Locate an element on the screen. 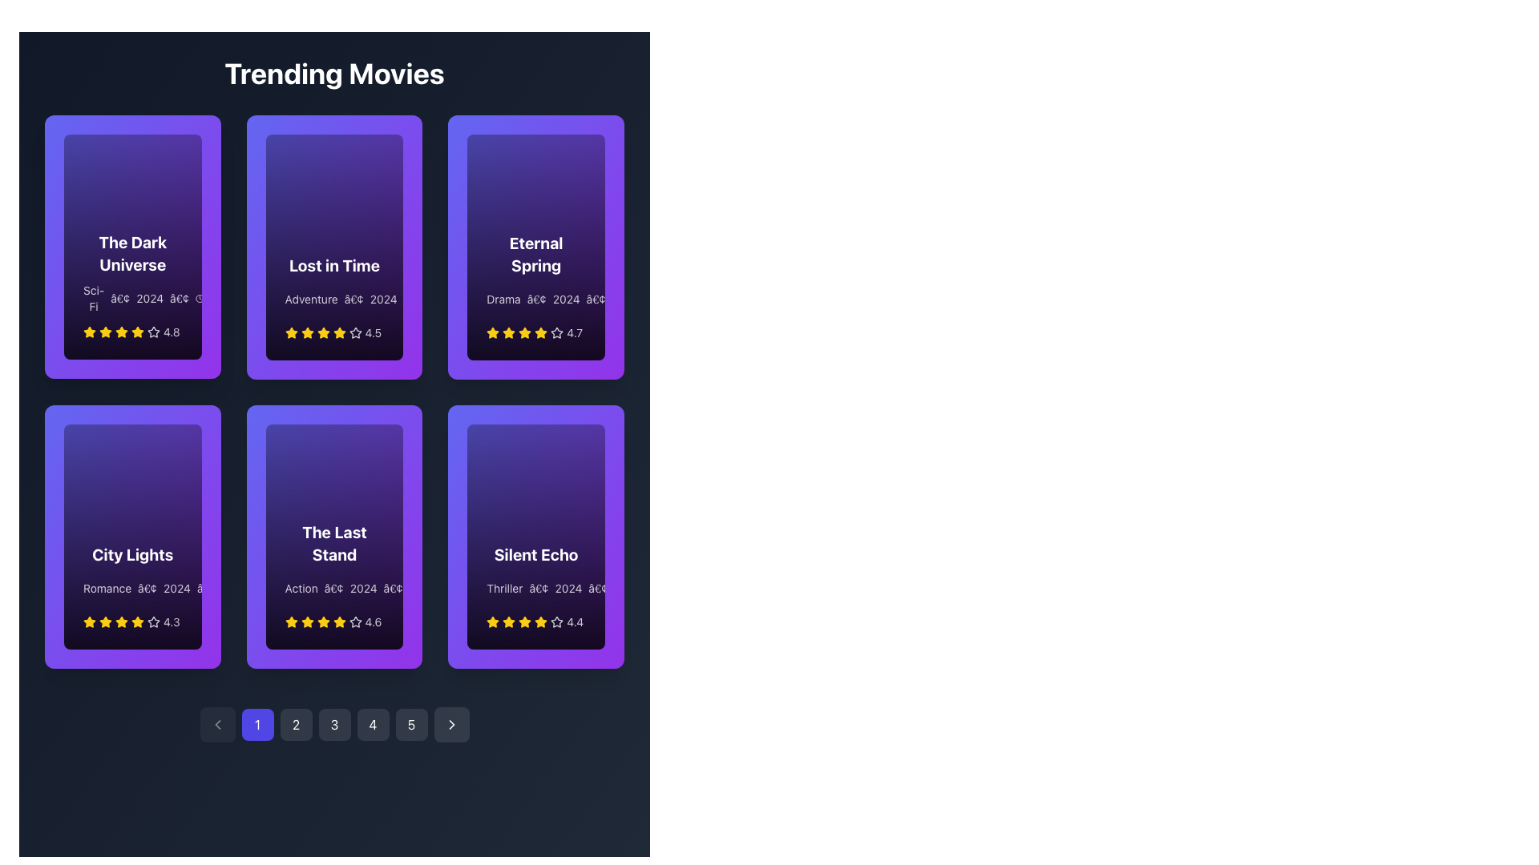 The width and height of the screenshot is (1539, 865). the button with an embedded play icon located at the center of the circular button in the top-right corner of the purple card labeled 'The Dark Universe' is located at coordinates (192, 148).